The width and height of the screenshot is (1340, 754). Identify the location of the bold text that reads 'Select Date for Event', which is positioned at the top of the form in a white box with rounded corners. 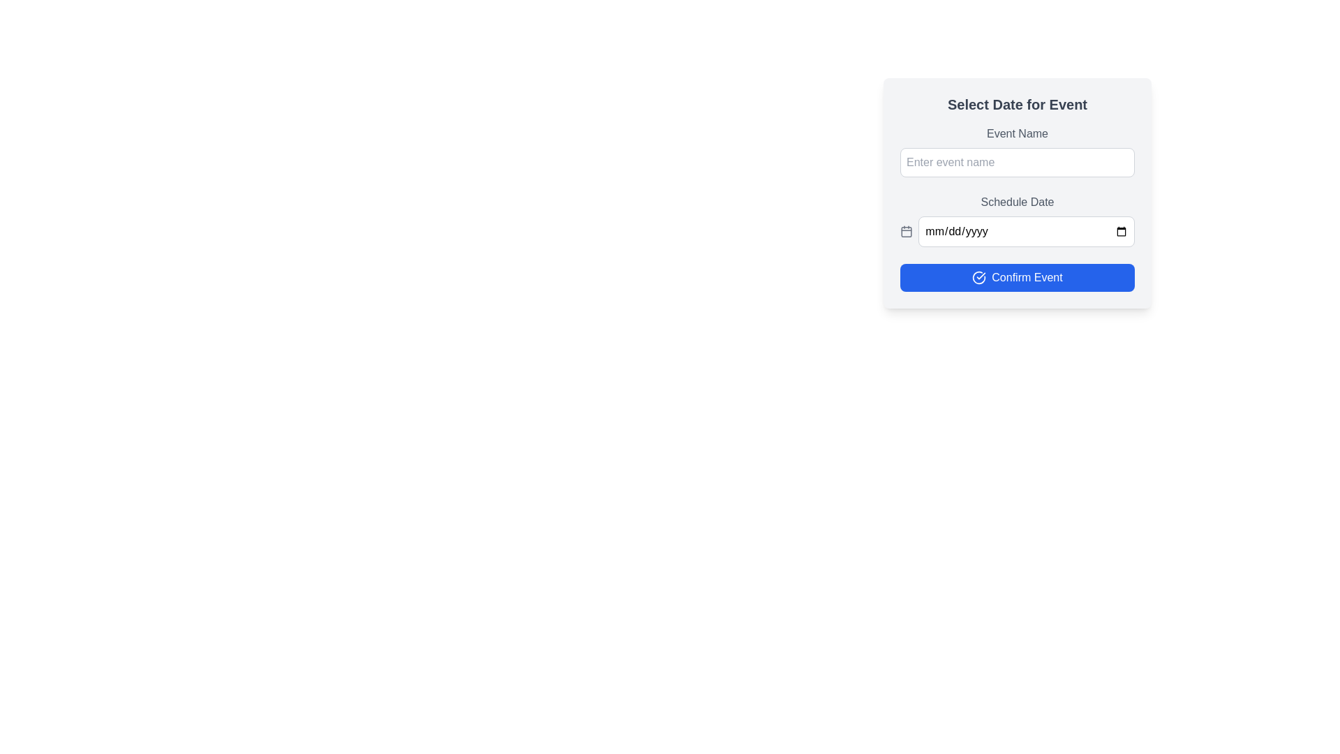
(1018, 104).